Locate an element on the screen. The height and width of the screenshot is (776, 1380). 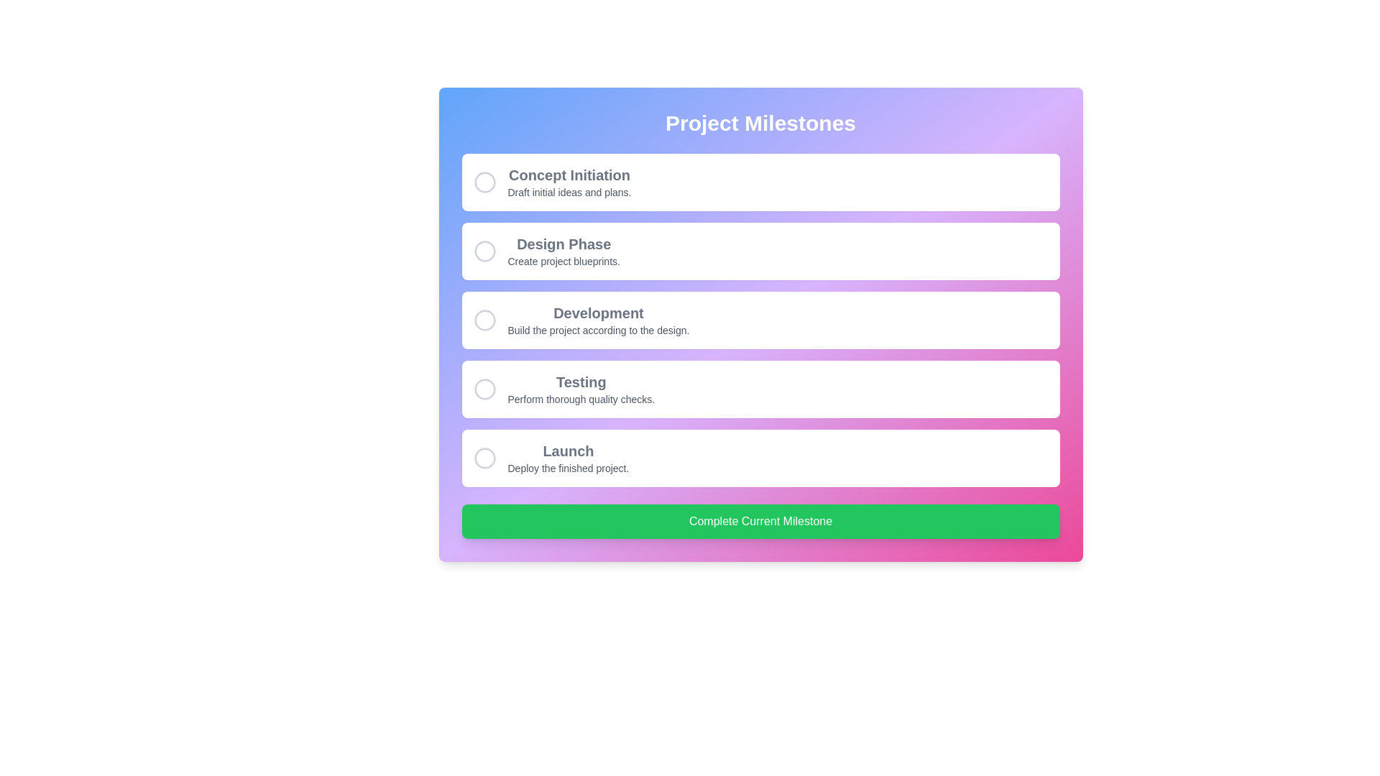
the decorative circle with a hollow center and a gray stroke outline, which is the inner circle in the second entry of the vertical list under the 'Design Phase' label is located at coordinates (484, 251).